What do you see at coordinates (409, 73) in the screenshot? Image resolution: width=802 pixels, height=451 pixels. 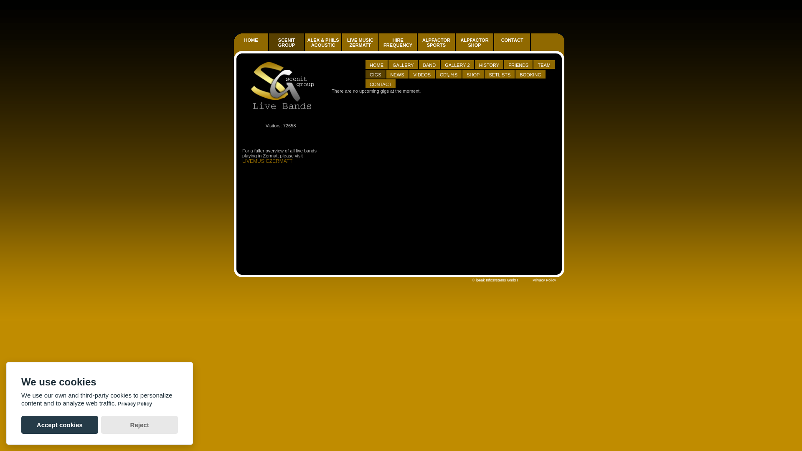 I see `'VIDEOS'` at bounding box center [409, 73].